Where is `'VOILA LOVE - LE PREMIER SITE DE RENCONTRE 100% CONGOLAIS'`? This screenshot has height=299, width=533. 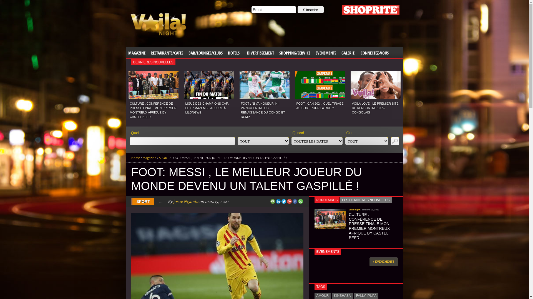
'VOILA LOVE - LE PREMIER SITE DE RENCONTRE 100% CONGOLAIS' is located at coordinates (376, 107).